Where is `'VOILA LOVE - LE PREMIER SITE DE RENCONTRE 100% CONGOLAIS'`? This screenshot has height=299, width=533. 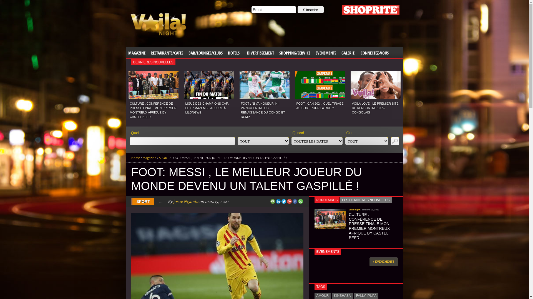
'VOILA LOVE - LE PREMIER SITE DE RENCONTRE 100% CONGOLAIS' is located at coordinates (376, 107).